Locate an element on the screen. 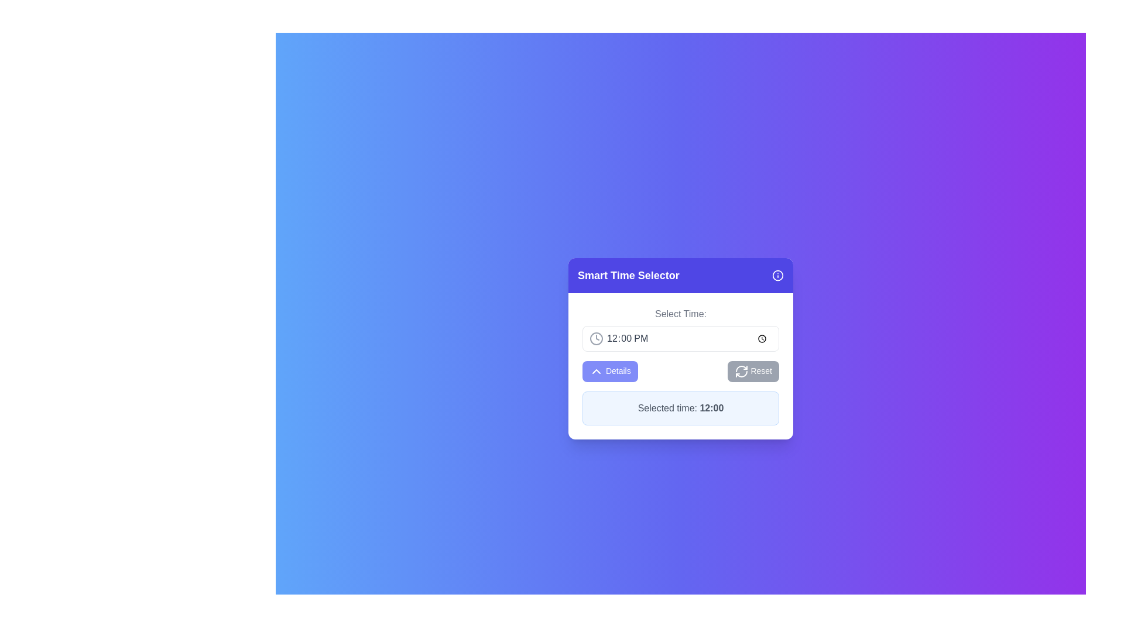 This screenshot has height=632, width=1124. the static text label displaying 'Smart Time Selector' in bold, located in the top-left section of the modal's header is located at coordinates (628, 275).